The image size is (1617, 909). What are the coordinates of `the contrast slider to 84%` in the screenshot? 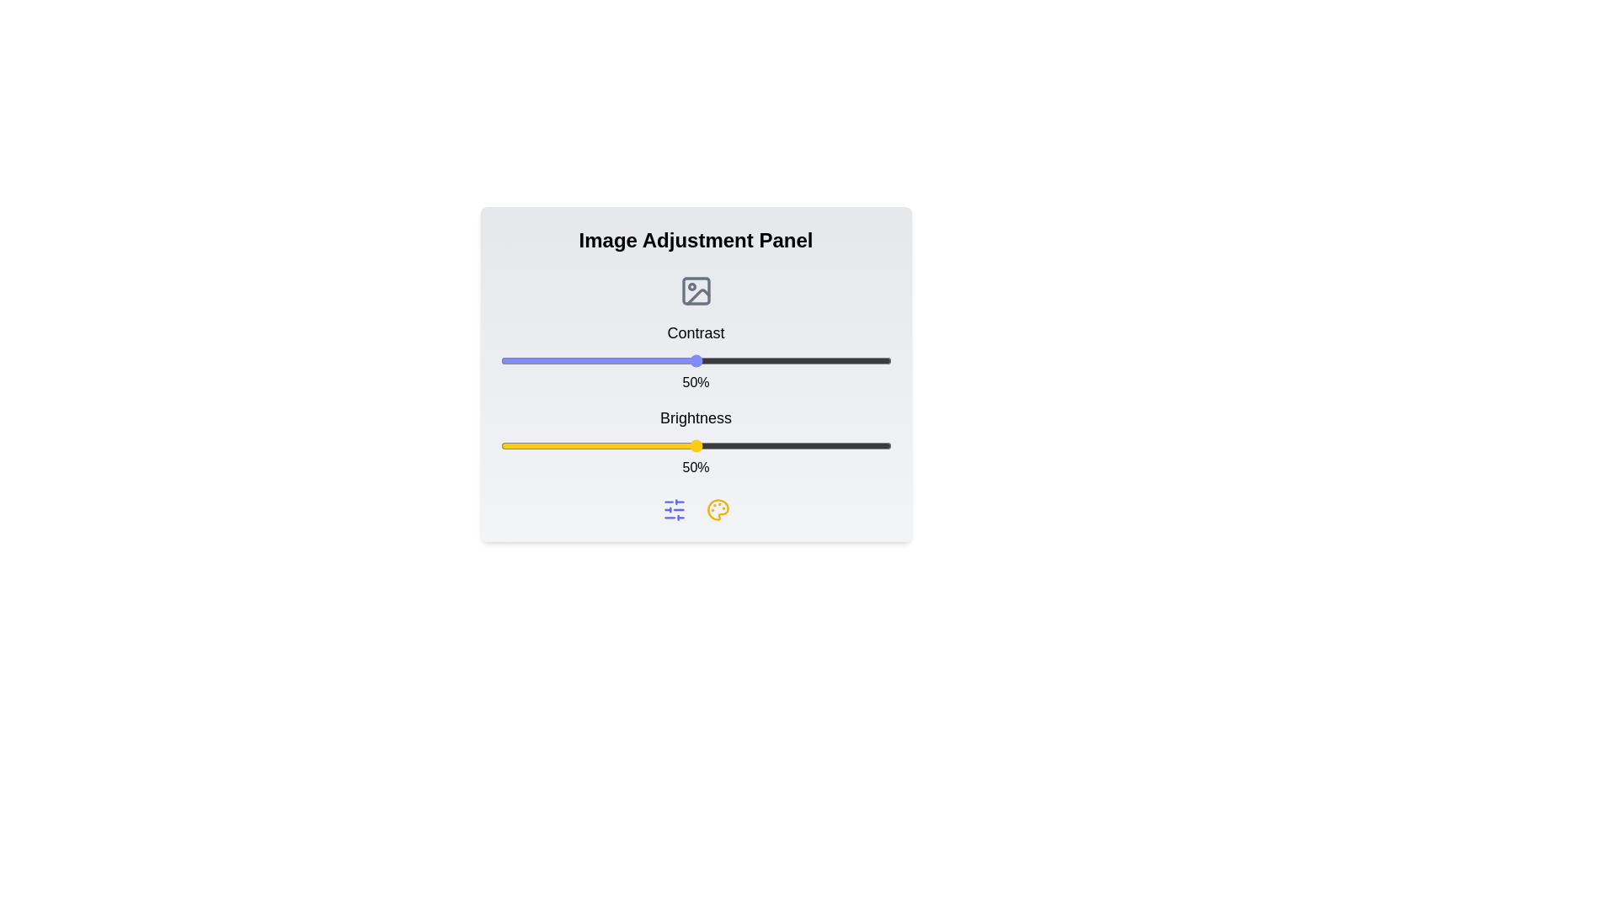 It's located at (829, 359).